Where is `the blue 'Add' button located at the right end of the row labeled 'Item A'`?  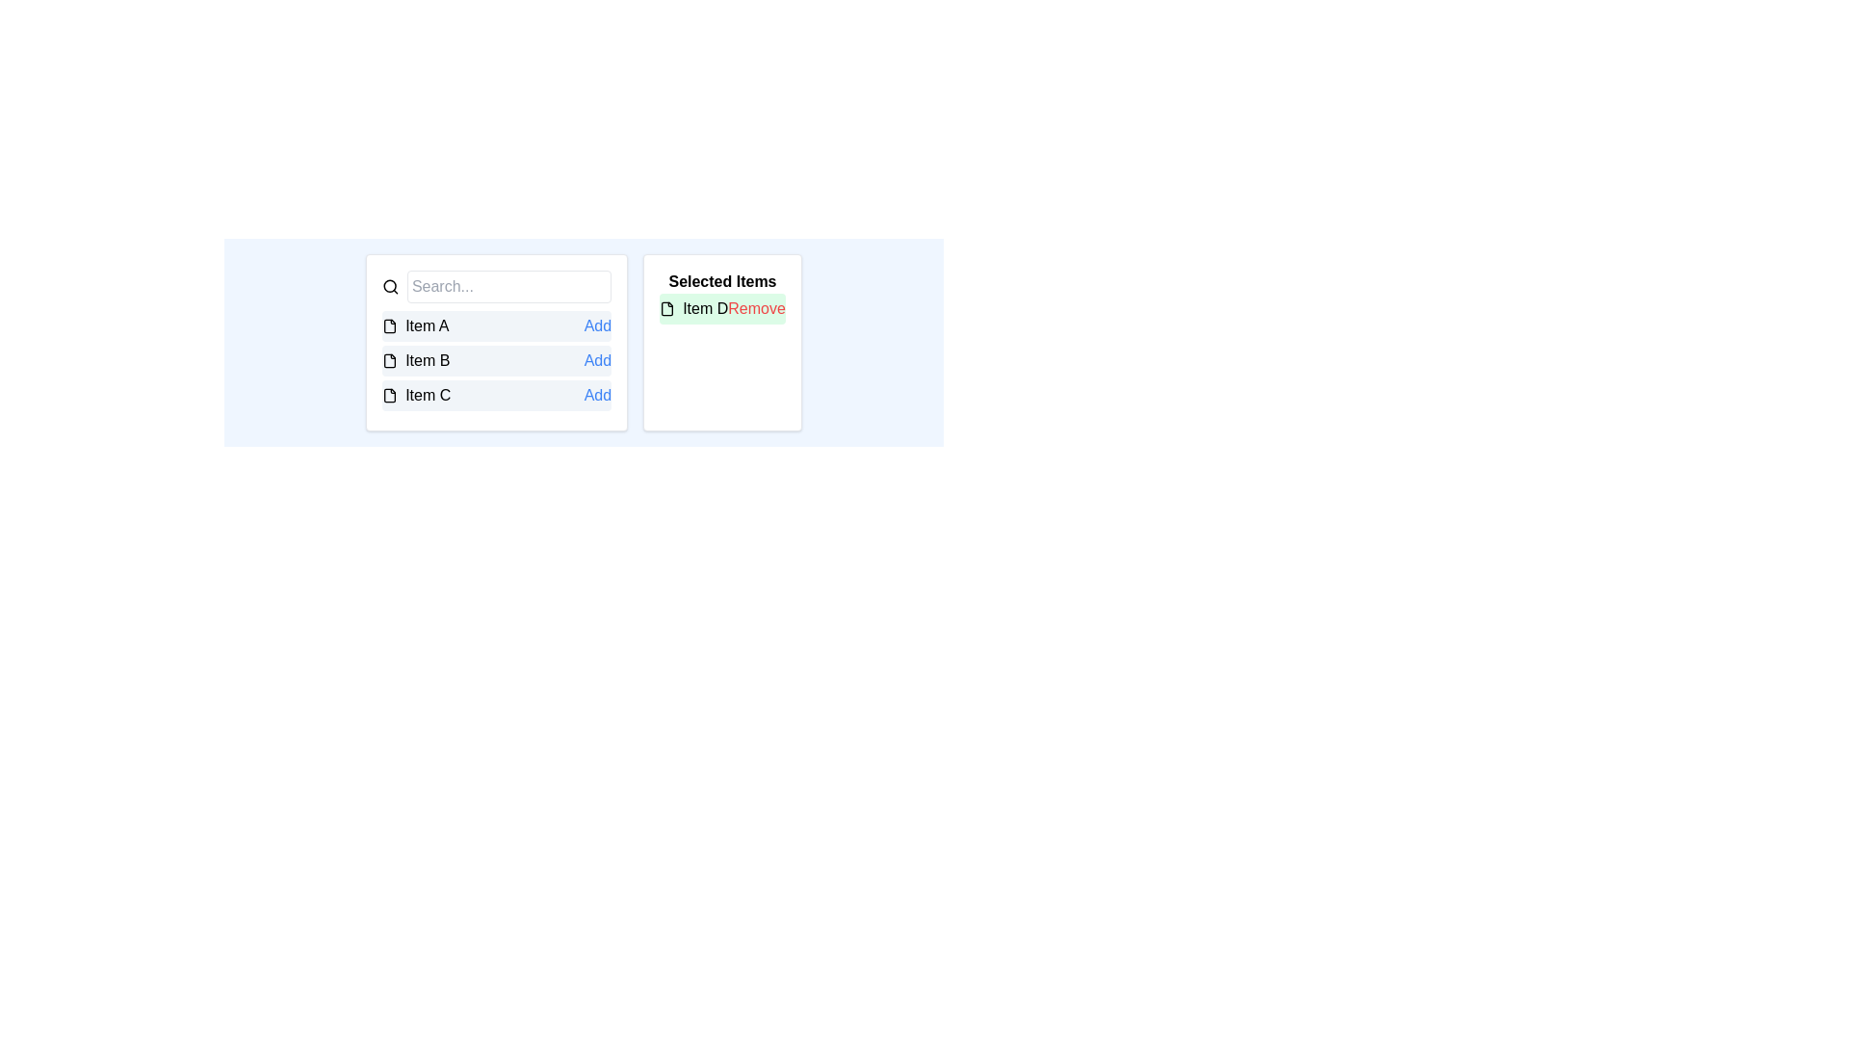 the blue 'Add' button located at the right end of the row labeled 'Item A' is located at coordinates (596, 325).